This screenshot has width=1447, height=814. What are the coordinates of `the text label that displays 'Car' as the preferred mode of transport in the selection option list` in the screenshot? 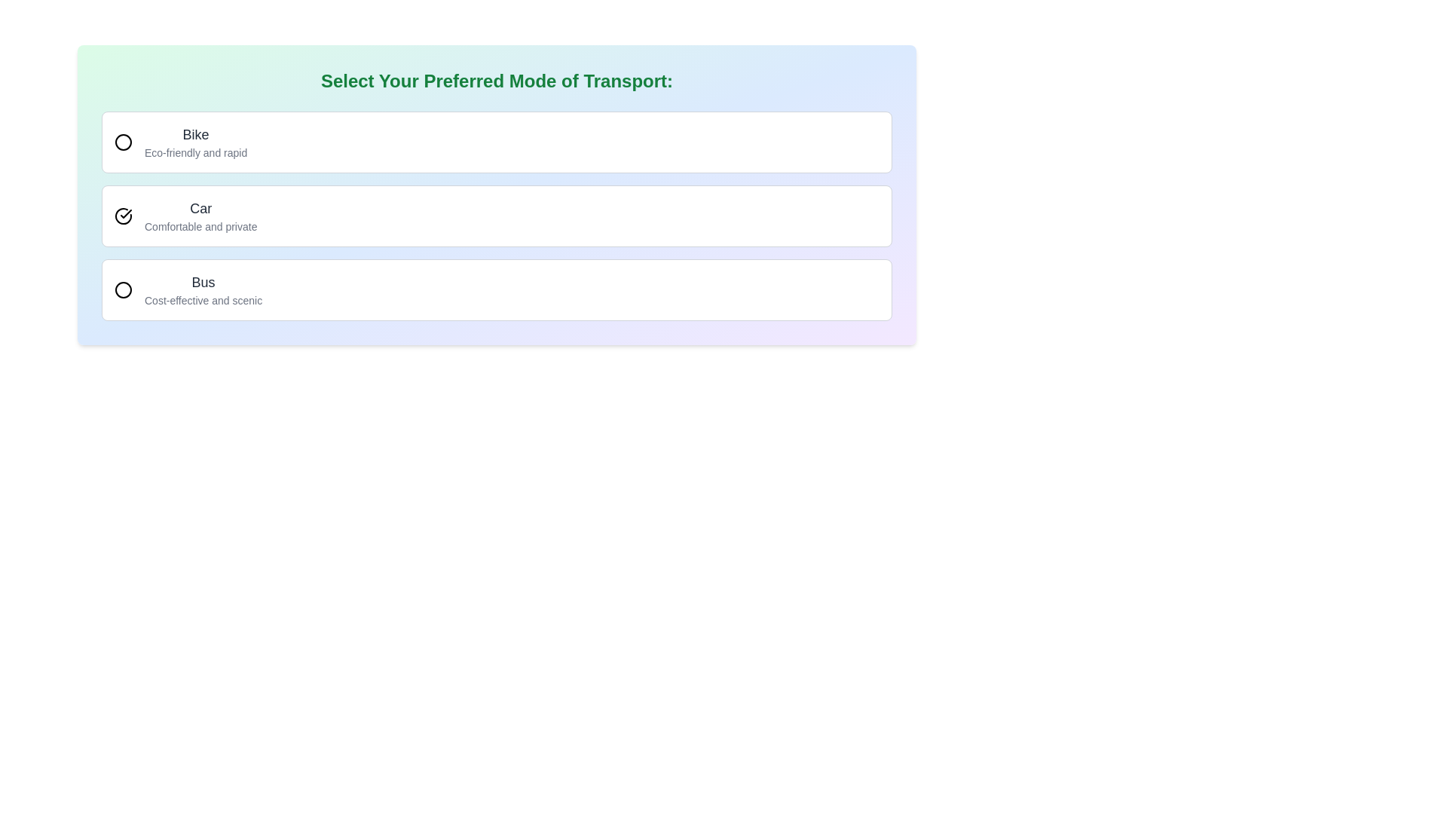 It's located at (200, 216).